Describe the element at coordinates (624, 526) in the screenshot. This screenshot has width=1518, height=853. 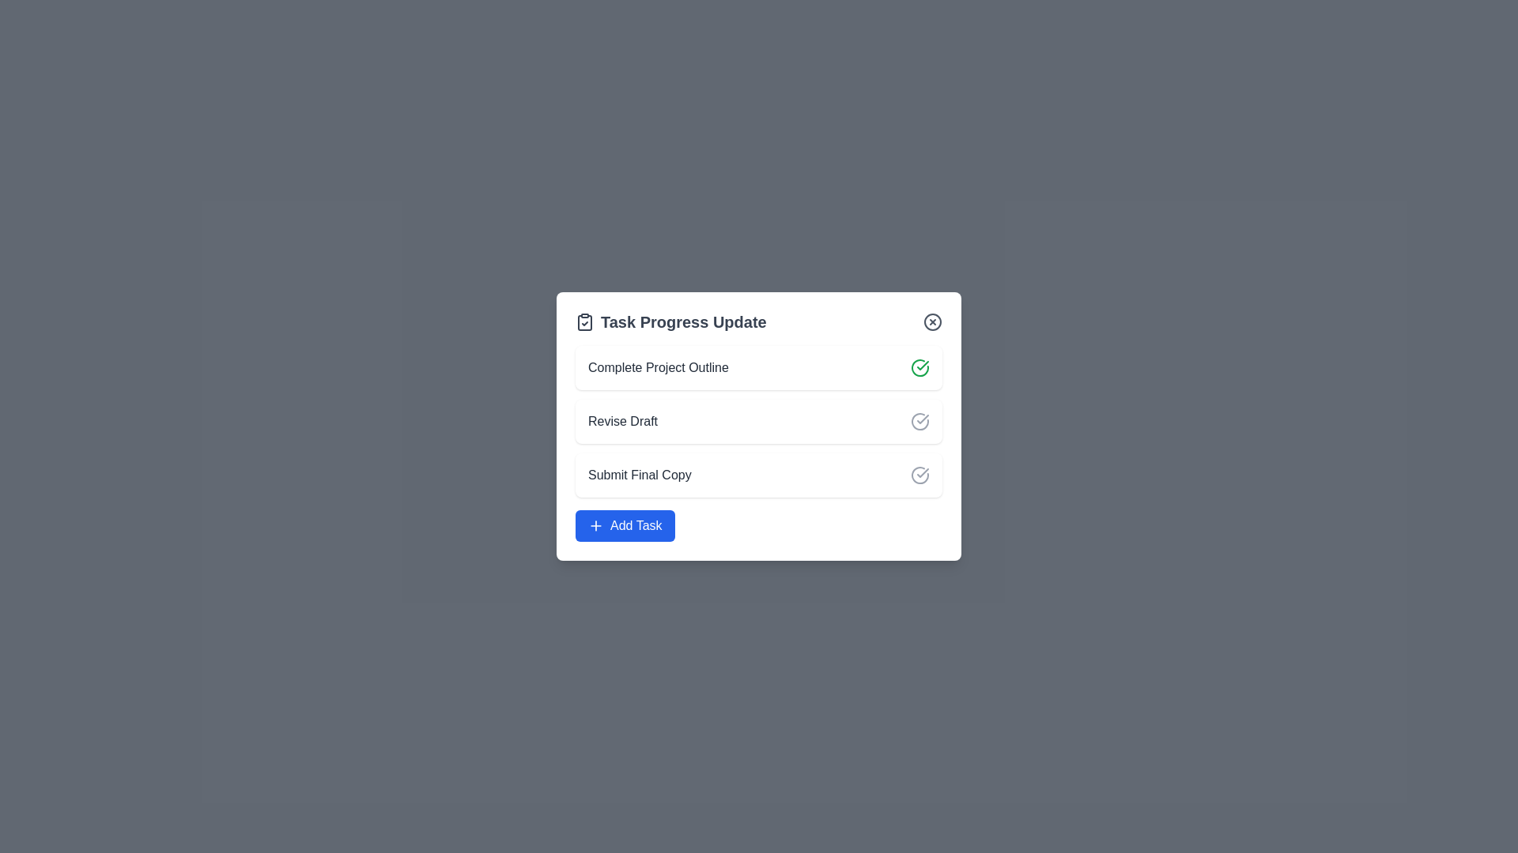
I see `the blue rectangular button labeled 'Add Task' with a '+' icon` at that location.